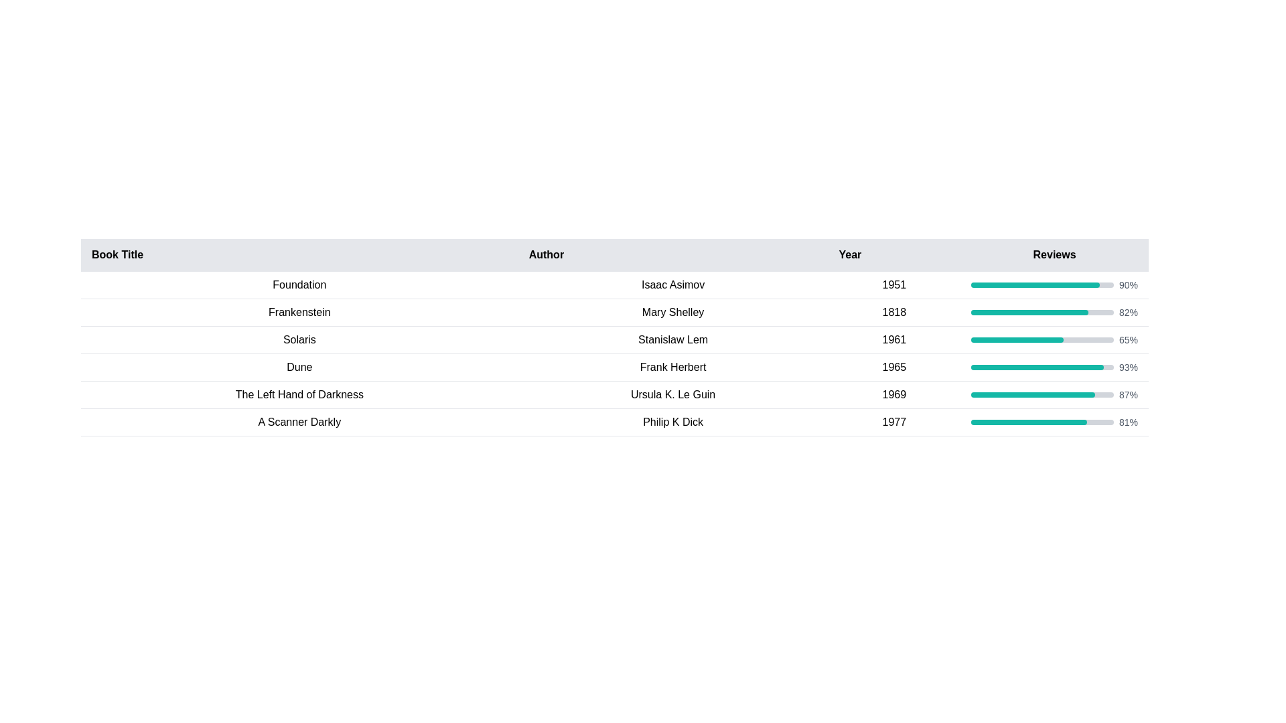  Describe the element at coordinates (1028, 422) in the screenshot. I see `the percentage represented by the filled portion of the progress bar segment for the book 'A Scanner Darkly' in the 'Reviews' column, which is styled with a teal-green background and filled to 81% width` at that location.